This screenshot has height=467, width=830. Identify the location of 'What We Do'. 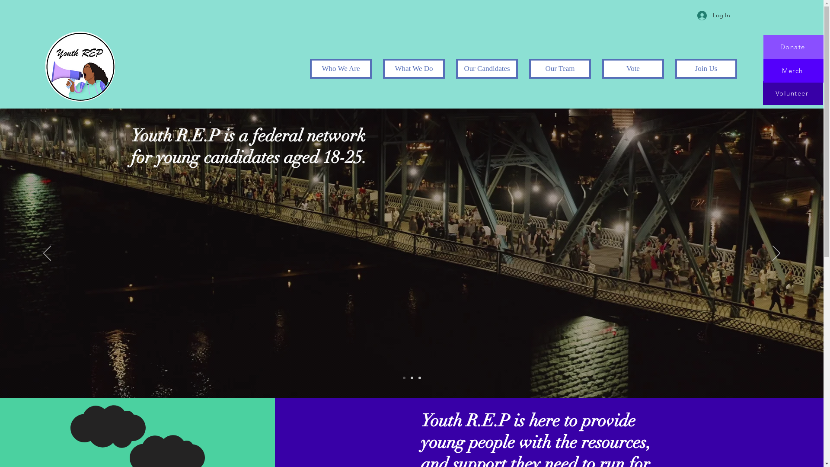
(383, 68).